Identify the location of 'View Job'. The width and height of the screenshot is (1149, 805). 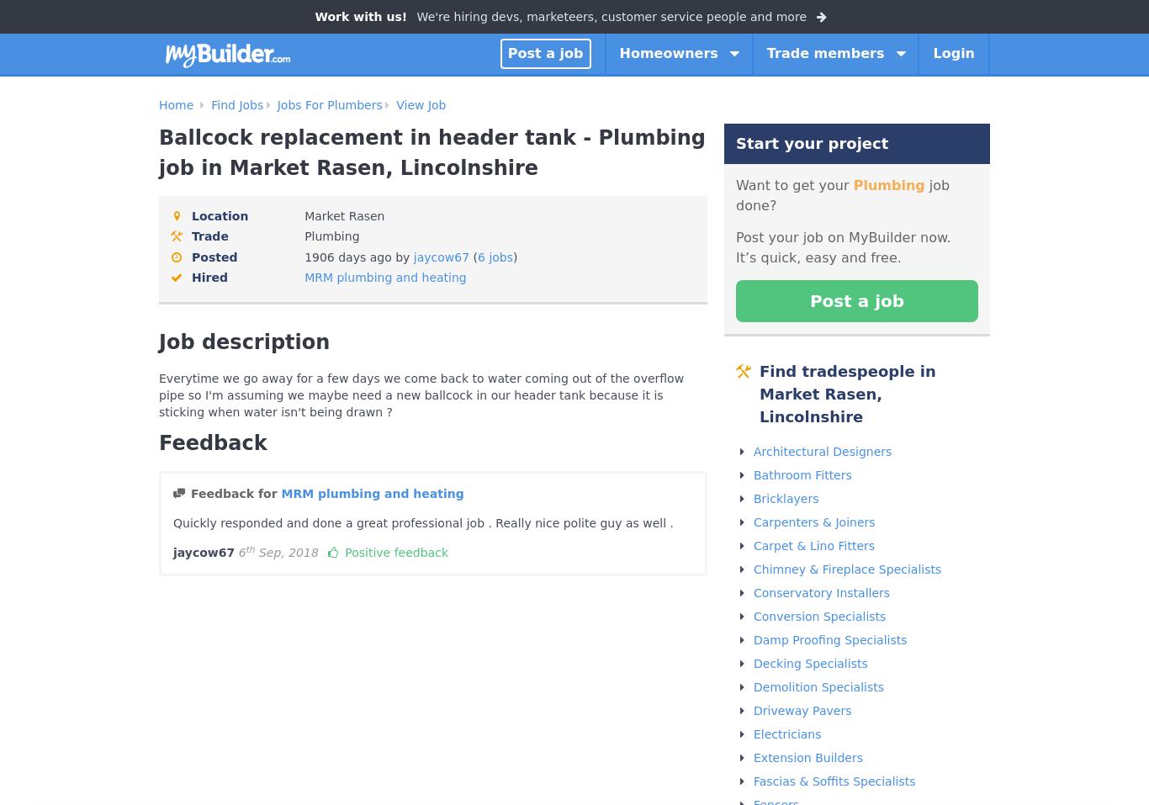
(421, 104).